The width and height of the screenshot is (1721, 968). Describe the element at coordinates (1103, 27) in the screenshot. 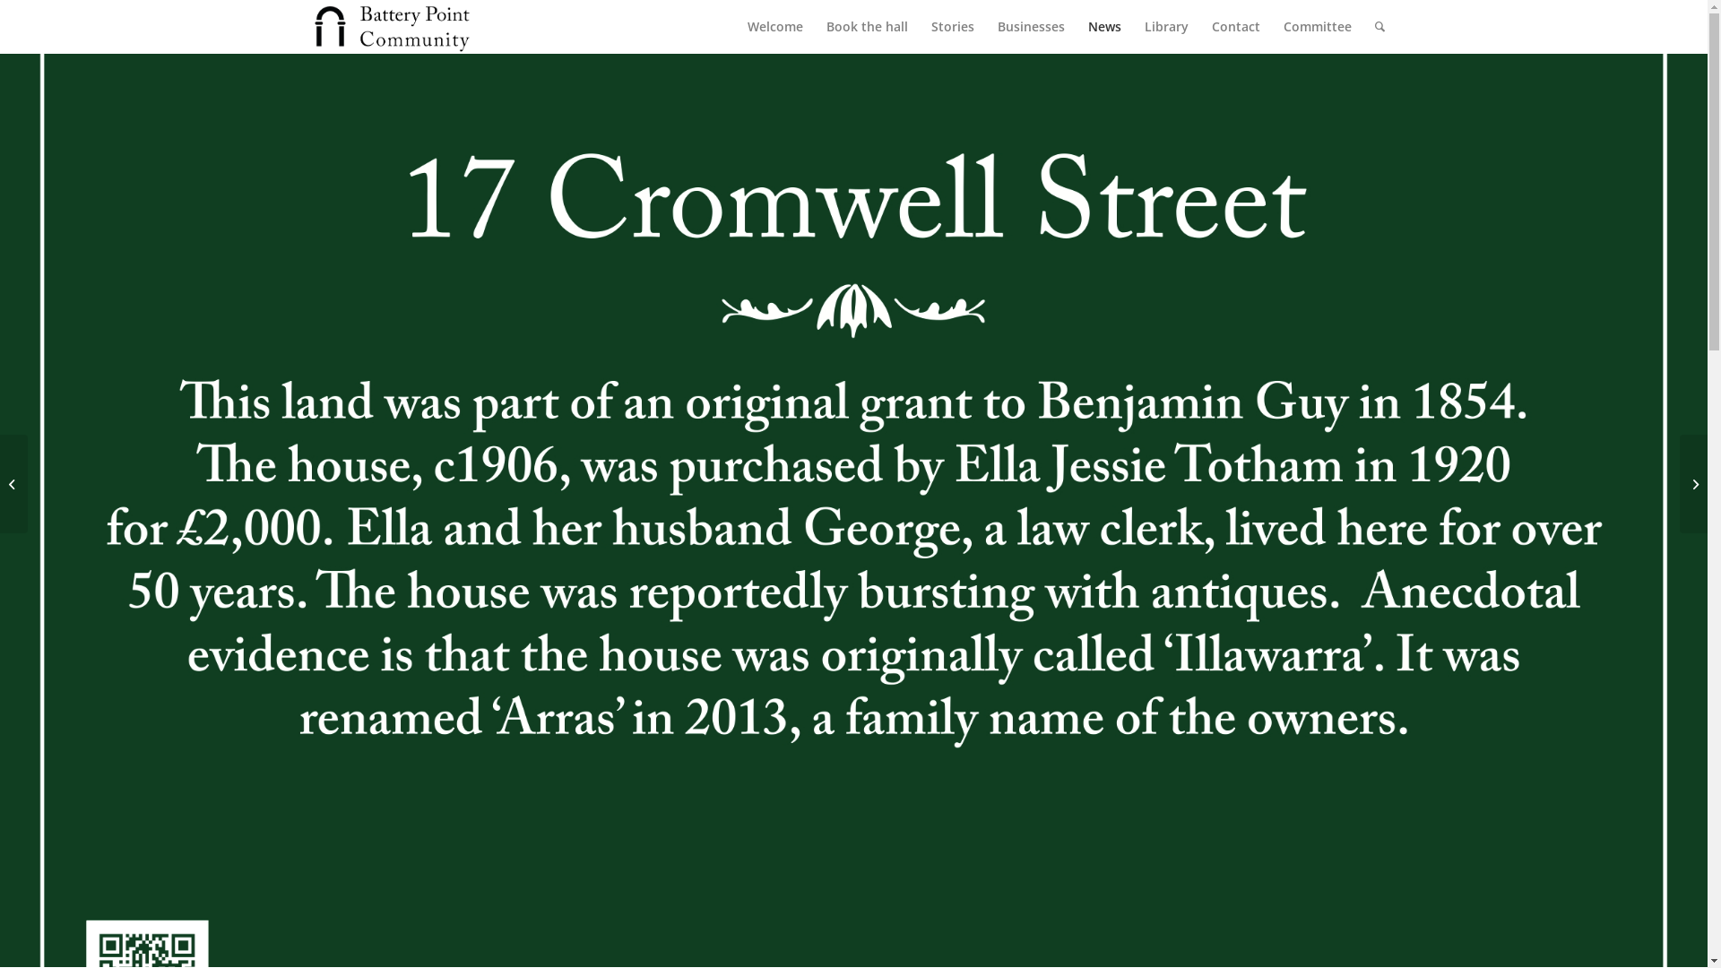

I see `'News'` at that location.